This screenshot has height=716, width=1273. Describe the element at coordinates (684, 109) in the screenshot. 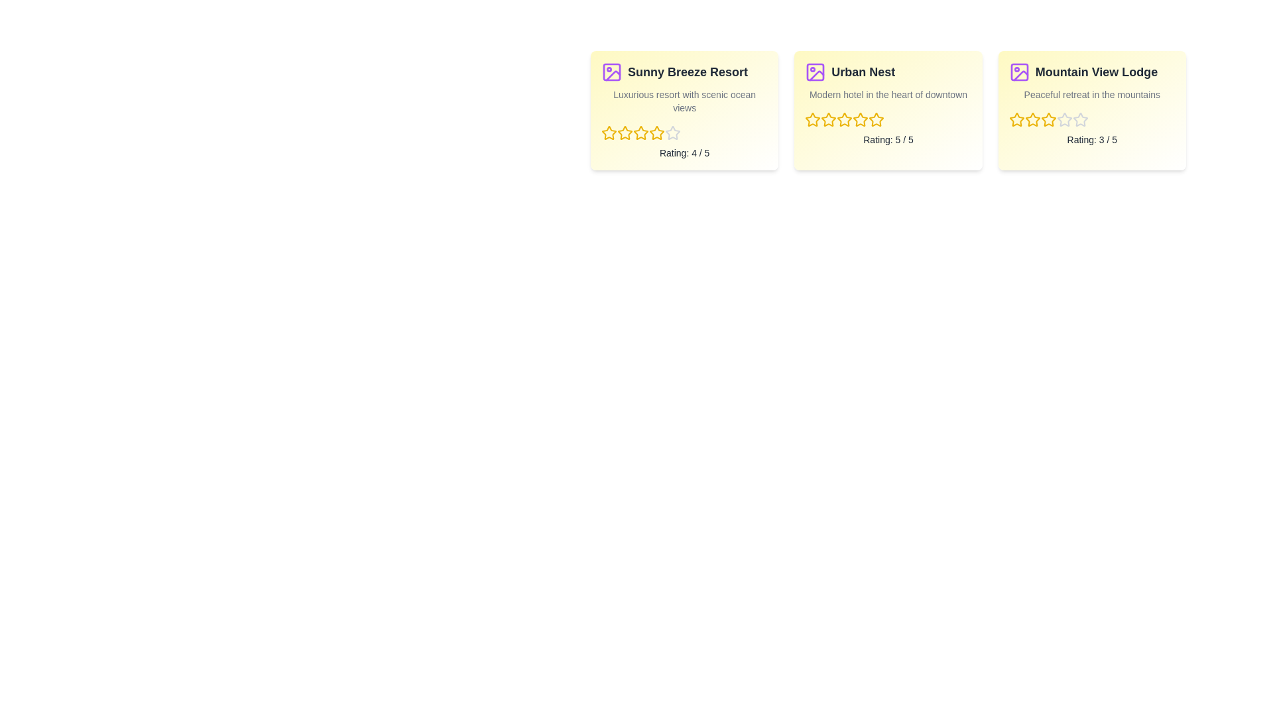

I see `the hotel card for Sunny Breeze Resort` at that location.